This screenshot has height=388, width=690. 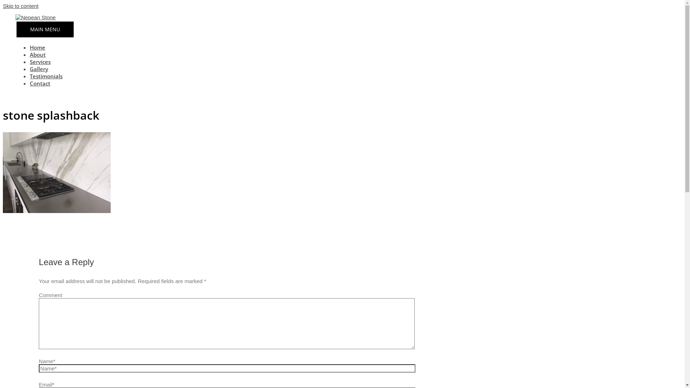 What do you see at coordinates (45, 29) in the screenshot?
I see `'MAIN MENU'` at bounding box center [45, 29].